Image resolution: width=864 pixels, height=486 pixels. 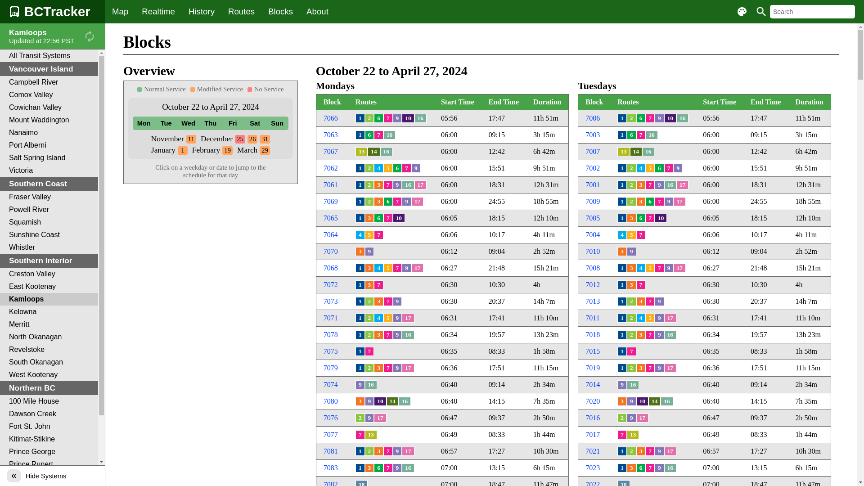 I want to click on '2', so click(x=365, y=335).